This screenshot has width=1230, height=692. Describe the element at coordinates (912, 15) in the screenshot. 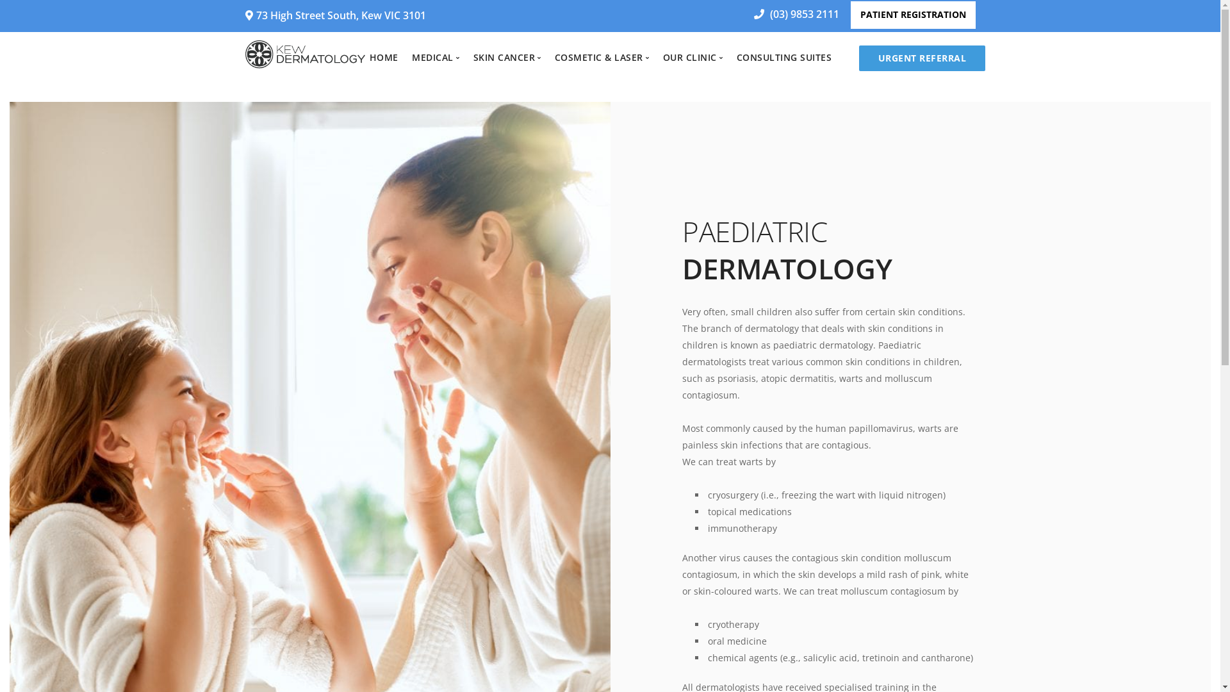

I see `'PATIENT REGISTRATION'` at that location.